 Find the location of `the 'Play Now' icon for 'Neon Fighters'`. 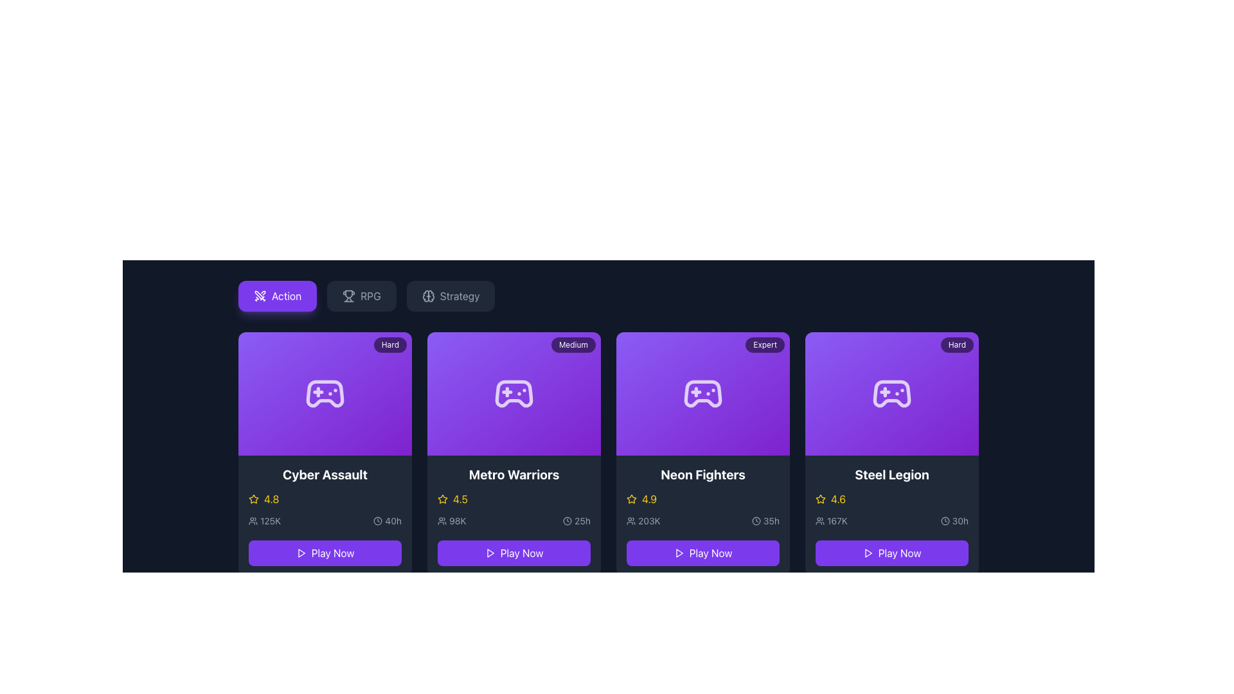

the 'Play Now' icon for 'Neon Fighters' is located at coordinates (678, 552).